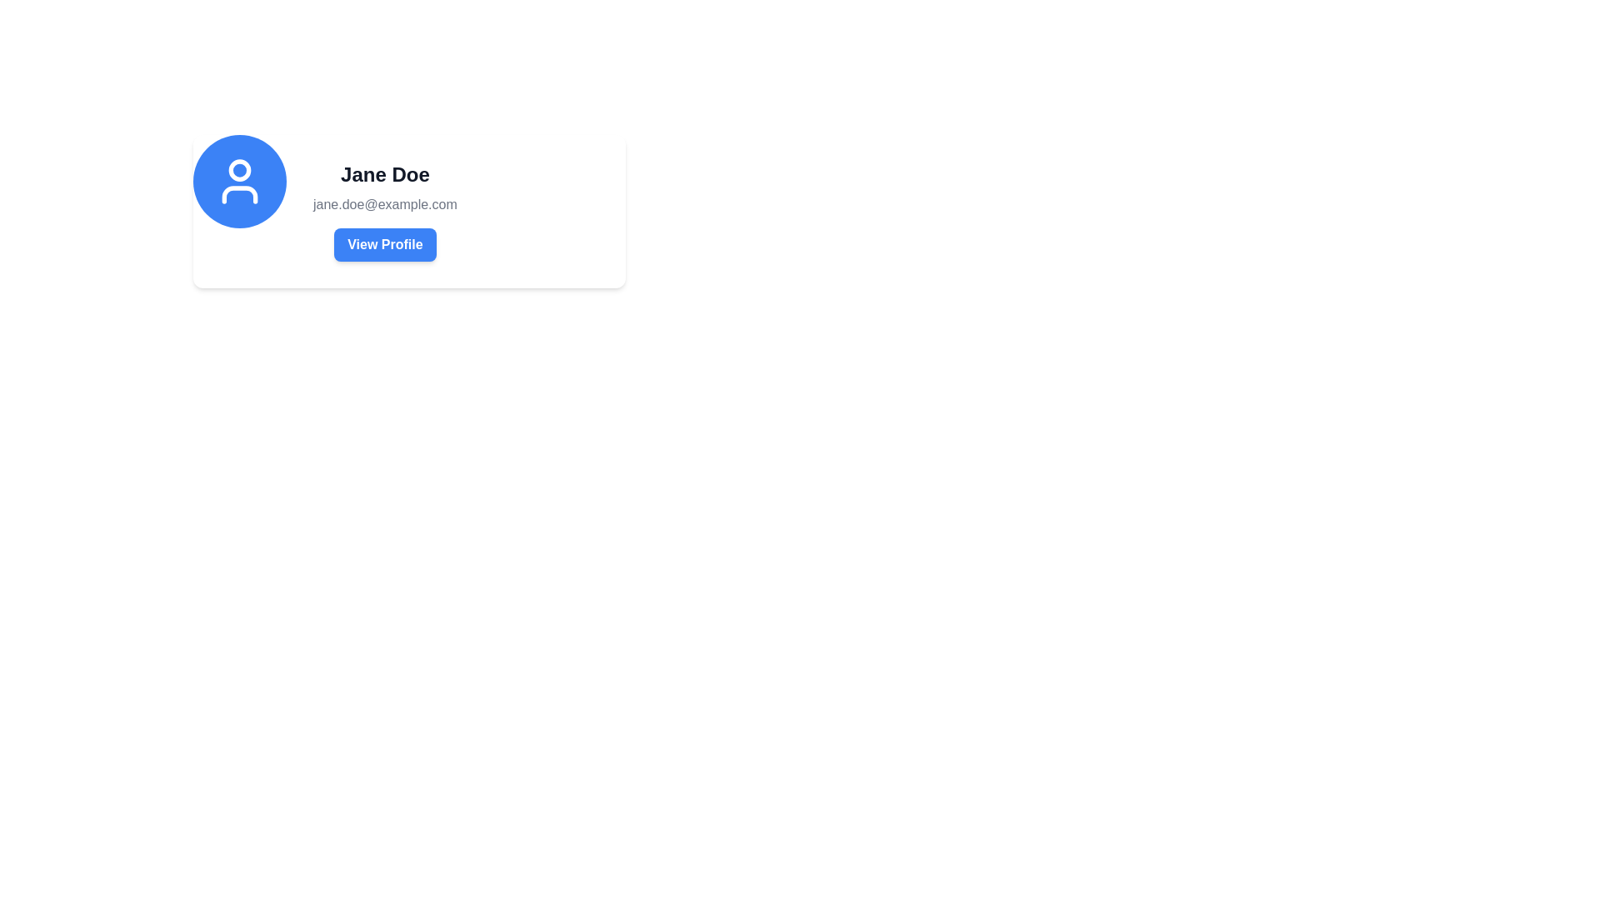 The width and height of the screenshot is (1600, 900). I want to click on the circular avatar placeholder for user 'Jane Doe' as a visual marker, so click(239, 182).